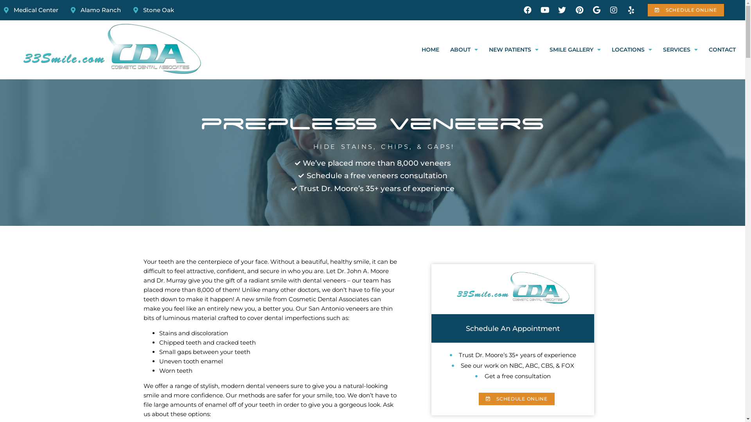 The width and height of the screenshot is (751, 422). Describe the element at coordinates (680, 50) in the screenshot. I see `'SERVICES'` at that location.